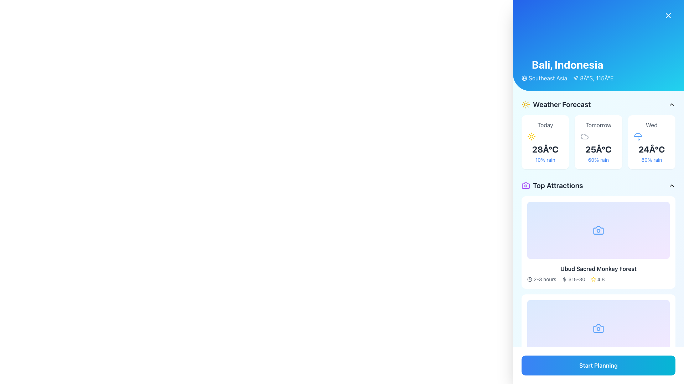 The width and height of the screenshot is (684, 384). I want to click on accessibility tools, so click(598, 269).